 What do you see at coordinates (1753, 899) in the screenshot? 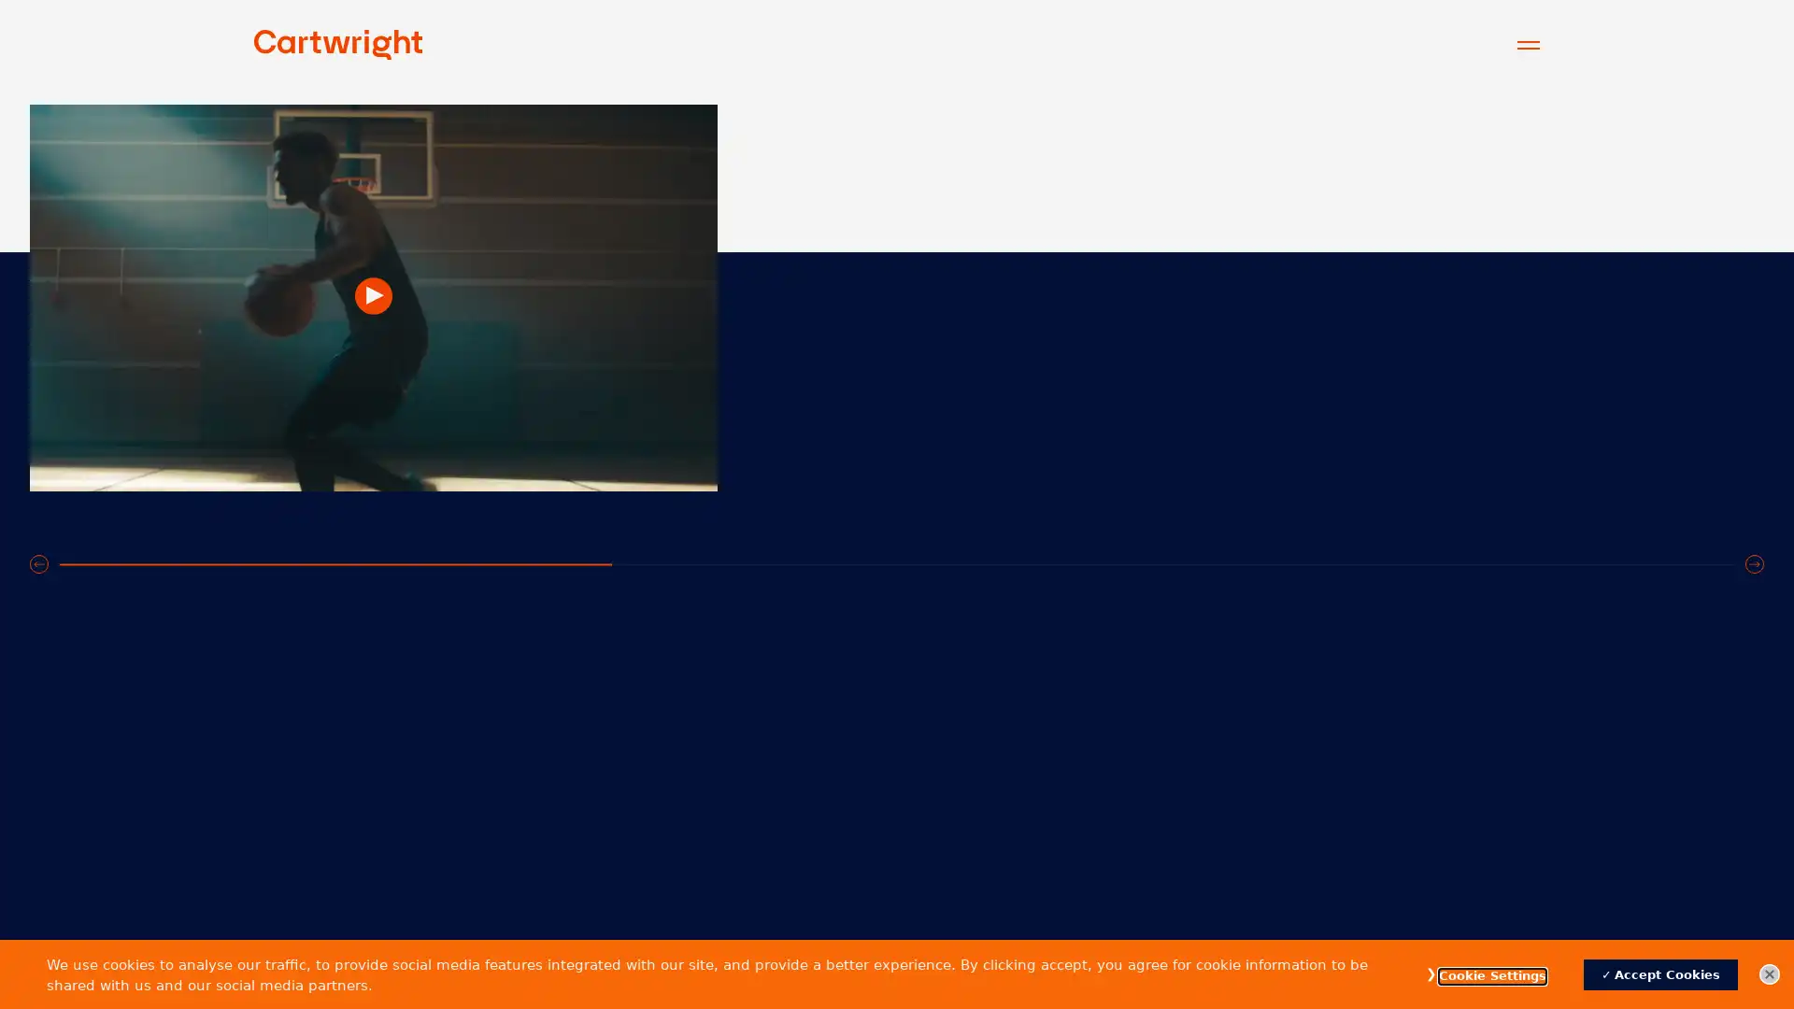
I see `Next slides` at bounding box center [1753, 899].